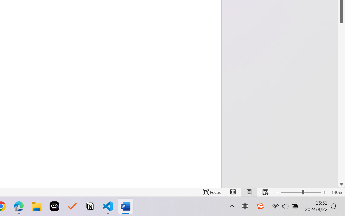 The height and width of the screenshot is (216, 345). I want to click on 'Focus ', so click(212, 192).